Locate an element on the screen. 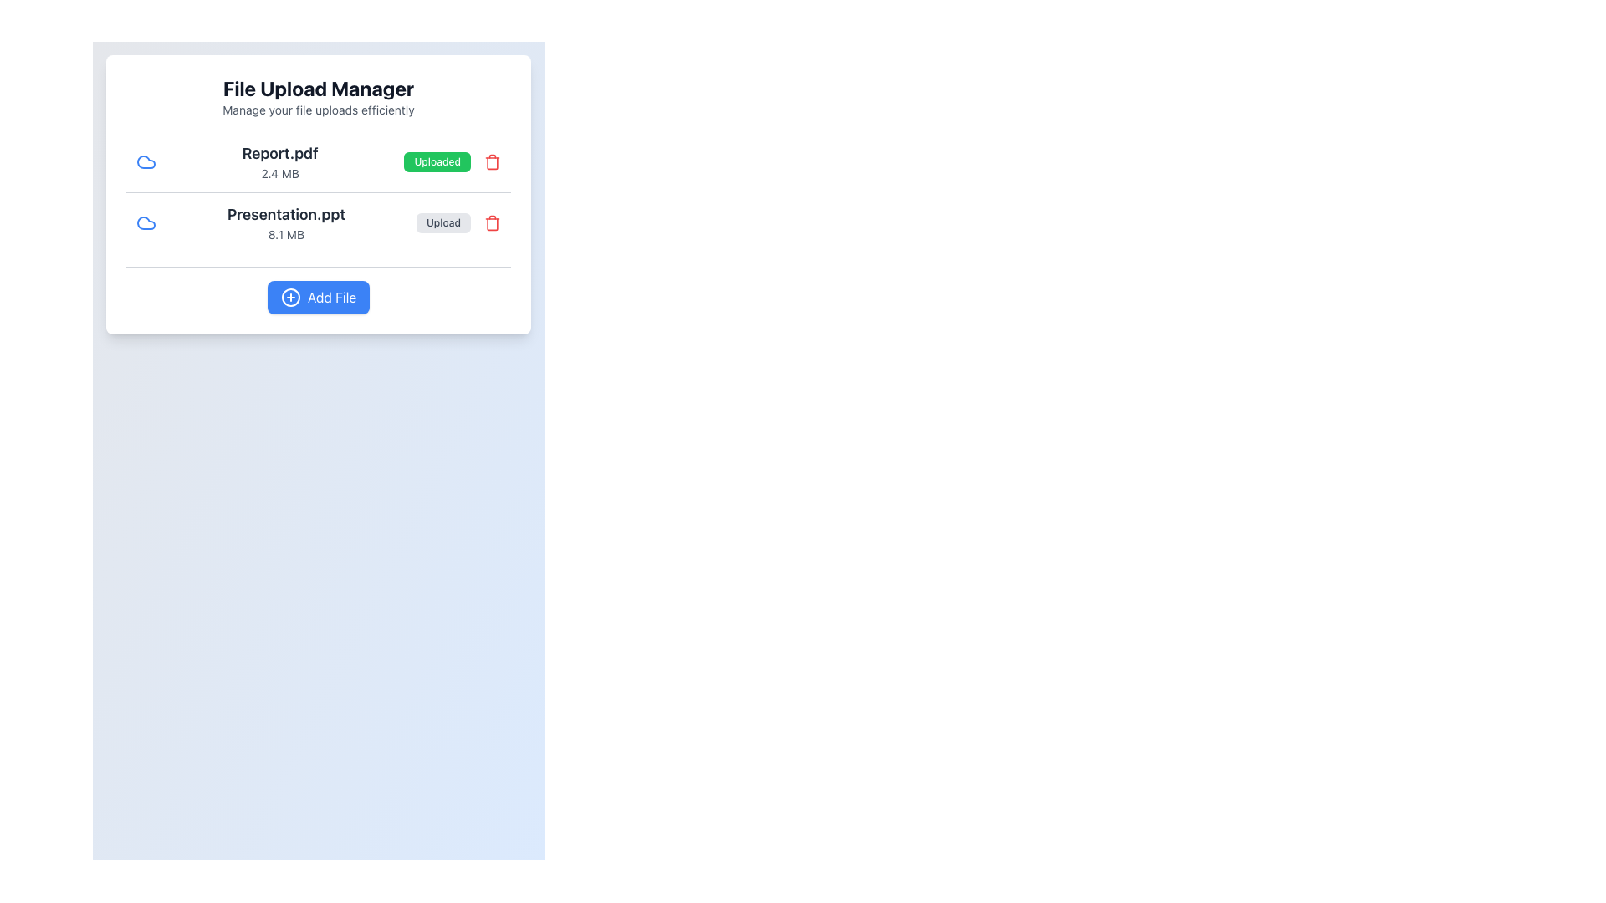  the 'Add Files' button located at the bottom of the 'File Upload Manager' section for accessibility navigation is located at coordinates (318, 289).